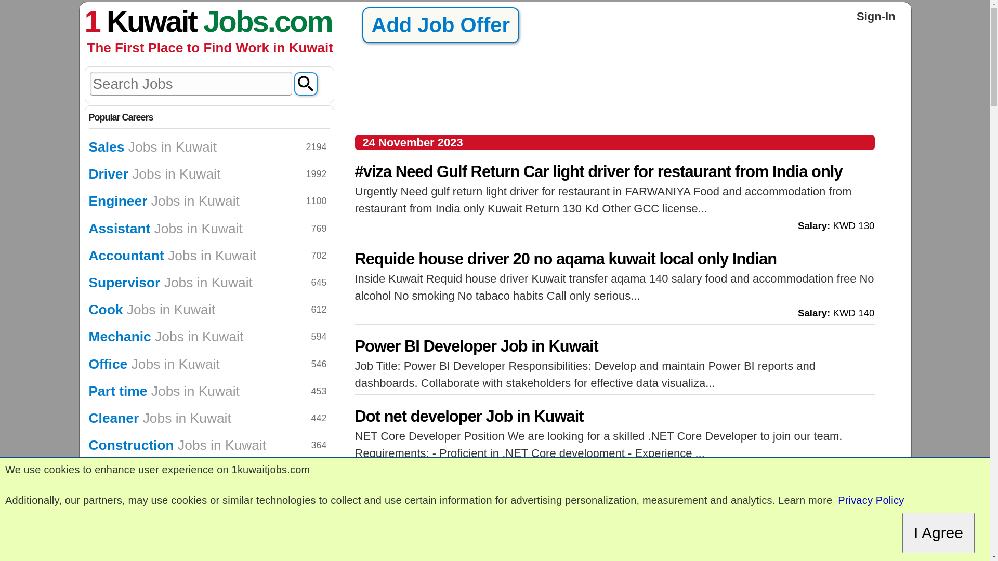 This screenshot has height=561, width=998. I want to click on 'Accountant Jobs in Kuwait, so click(208, 256).